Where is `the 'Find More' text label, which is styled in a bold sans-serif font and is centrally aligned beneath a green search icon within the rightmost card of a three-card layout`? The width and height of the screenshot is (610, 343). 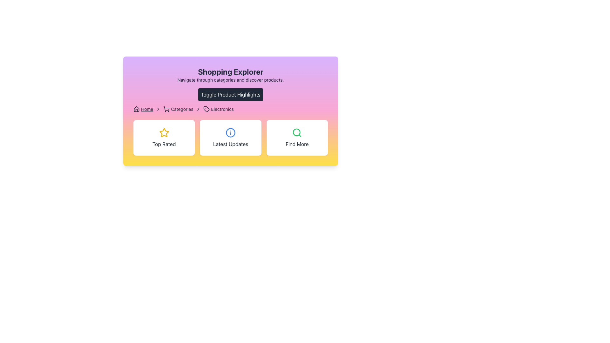
the 'Find More' text label, which is styled in a bold sans-serif font and is centrally aligned beneath a green search icon within the rightmost card of a three-card layout is located at coordinates (297, 144).